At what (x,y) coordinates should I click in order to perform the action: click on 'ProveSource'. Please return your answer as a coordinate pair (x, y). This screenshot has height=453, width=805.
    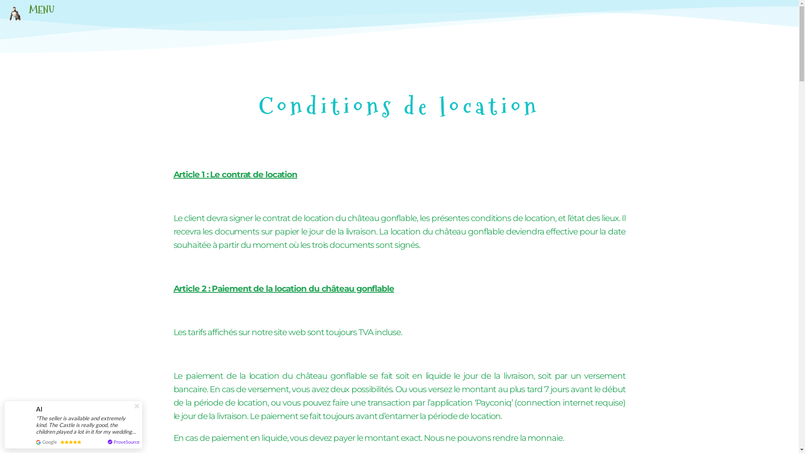
    Looking at the image, I should click on (113, 441).